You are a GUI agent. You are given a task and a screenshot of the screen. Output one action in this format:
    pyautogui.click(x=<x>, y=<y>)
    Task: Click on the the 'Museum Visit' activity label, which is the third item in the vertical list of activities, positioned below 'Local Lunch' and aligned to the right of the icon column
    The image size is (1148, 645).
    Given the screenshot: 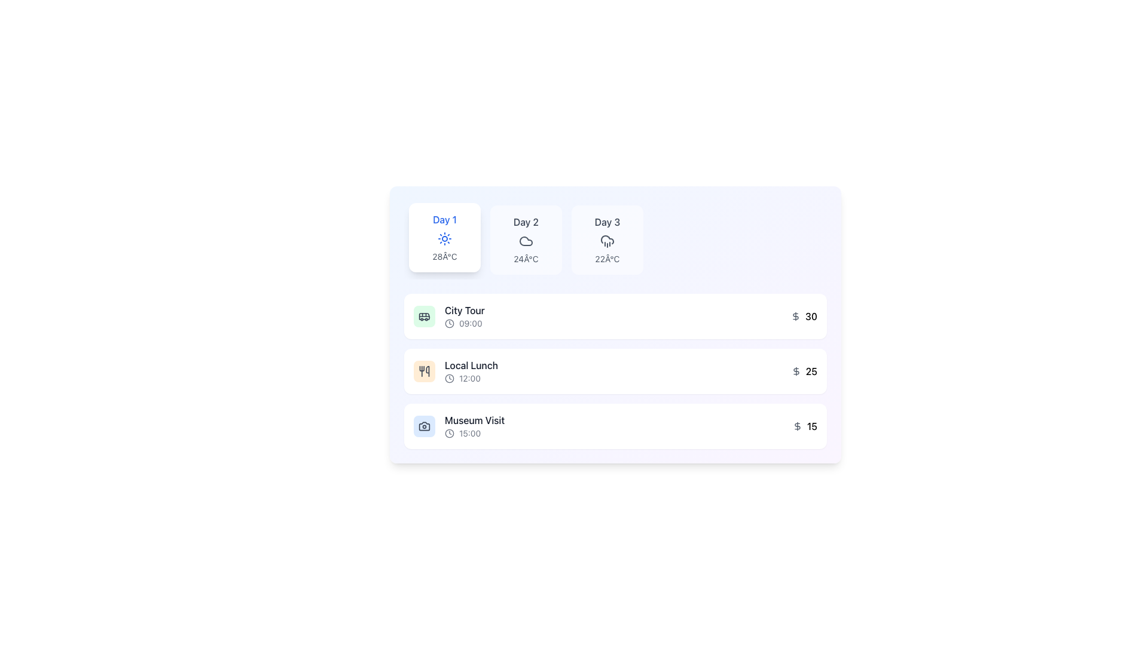 What is the action you would take?
    pyautogui.click(x=474, y=425)
    